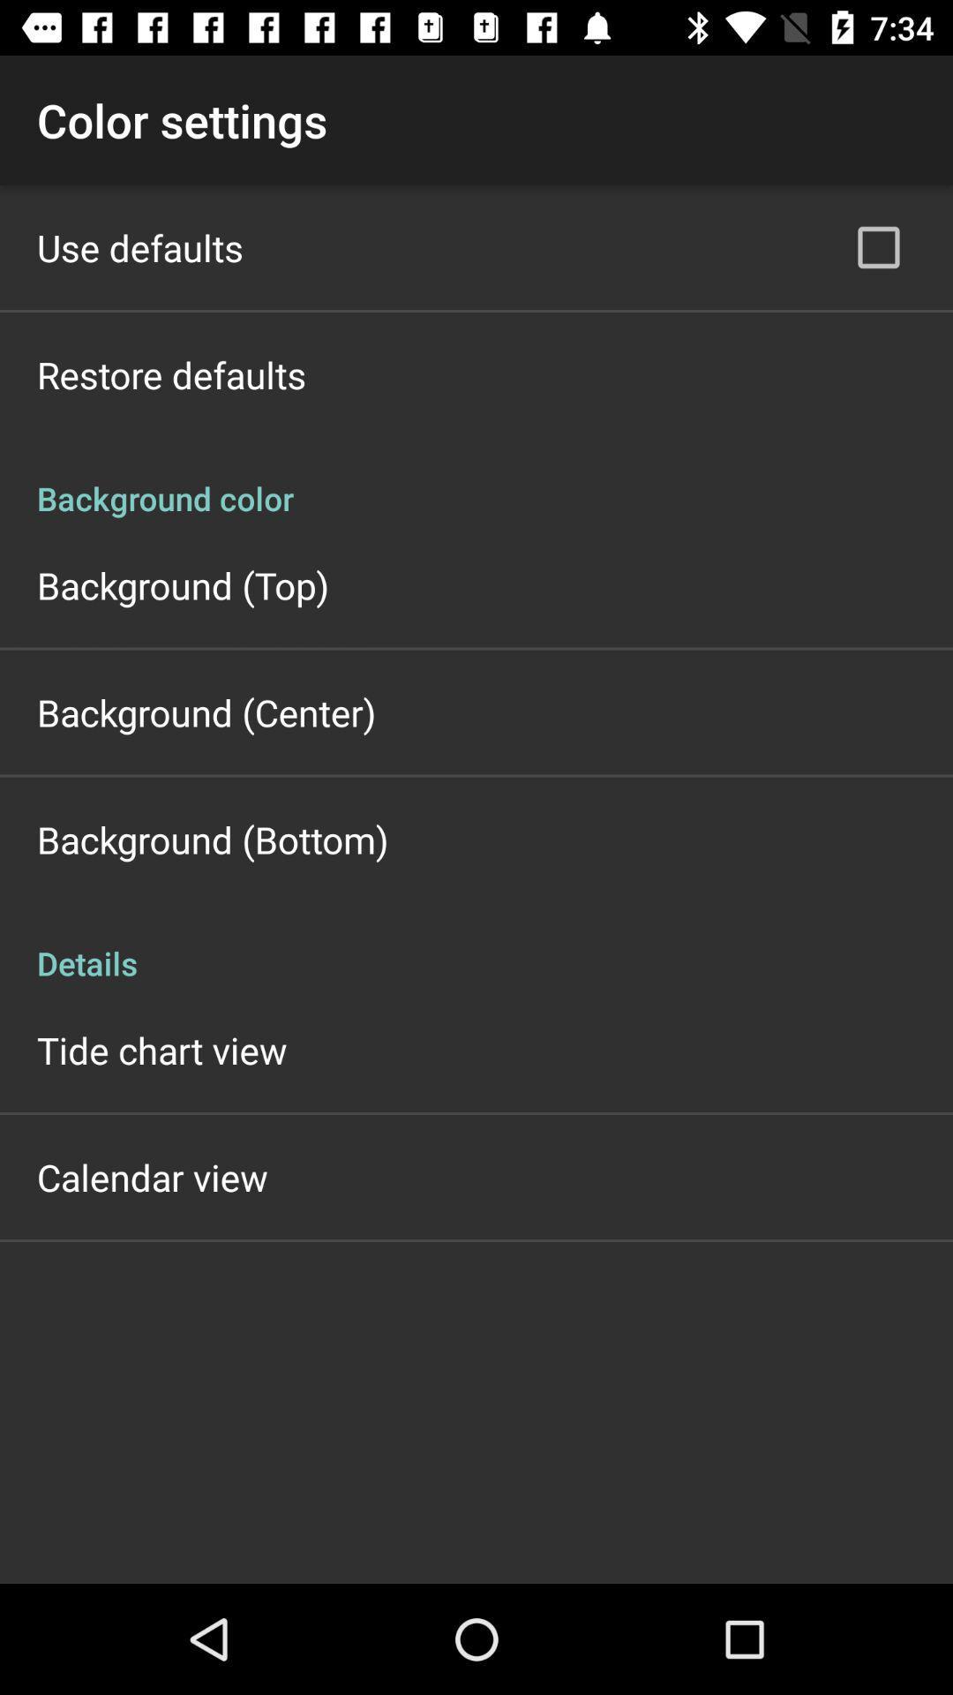  I want to click on the background (bottom) app, so click(212, 838).